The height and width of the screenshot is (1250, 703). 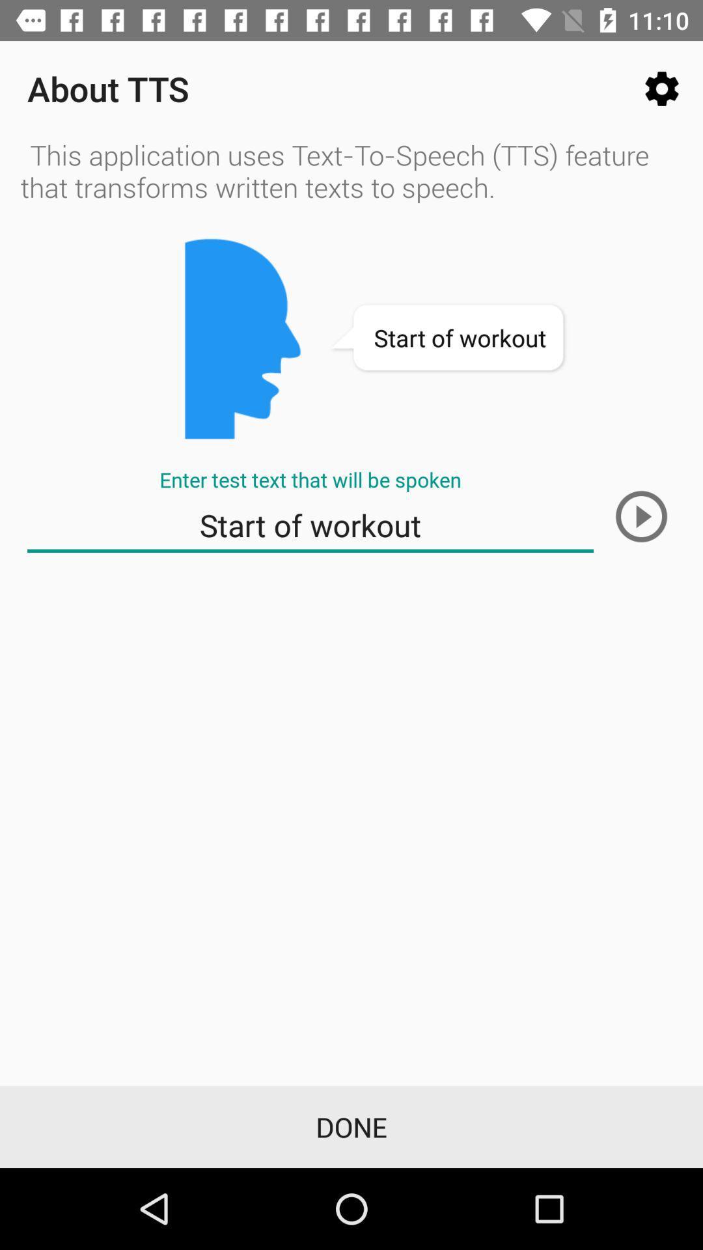 What do you see at coordinates (641, 516) in the screenshot?
I see `play obstion` at bounding box center [641, 516].